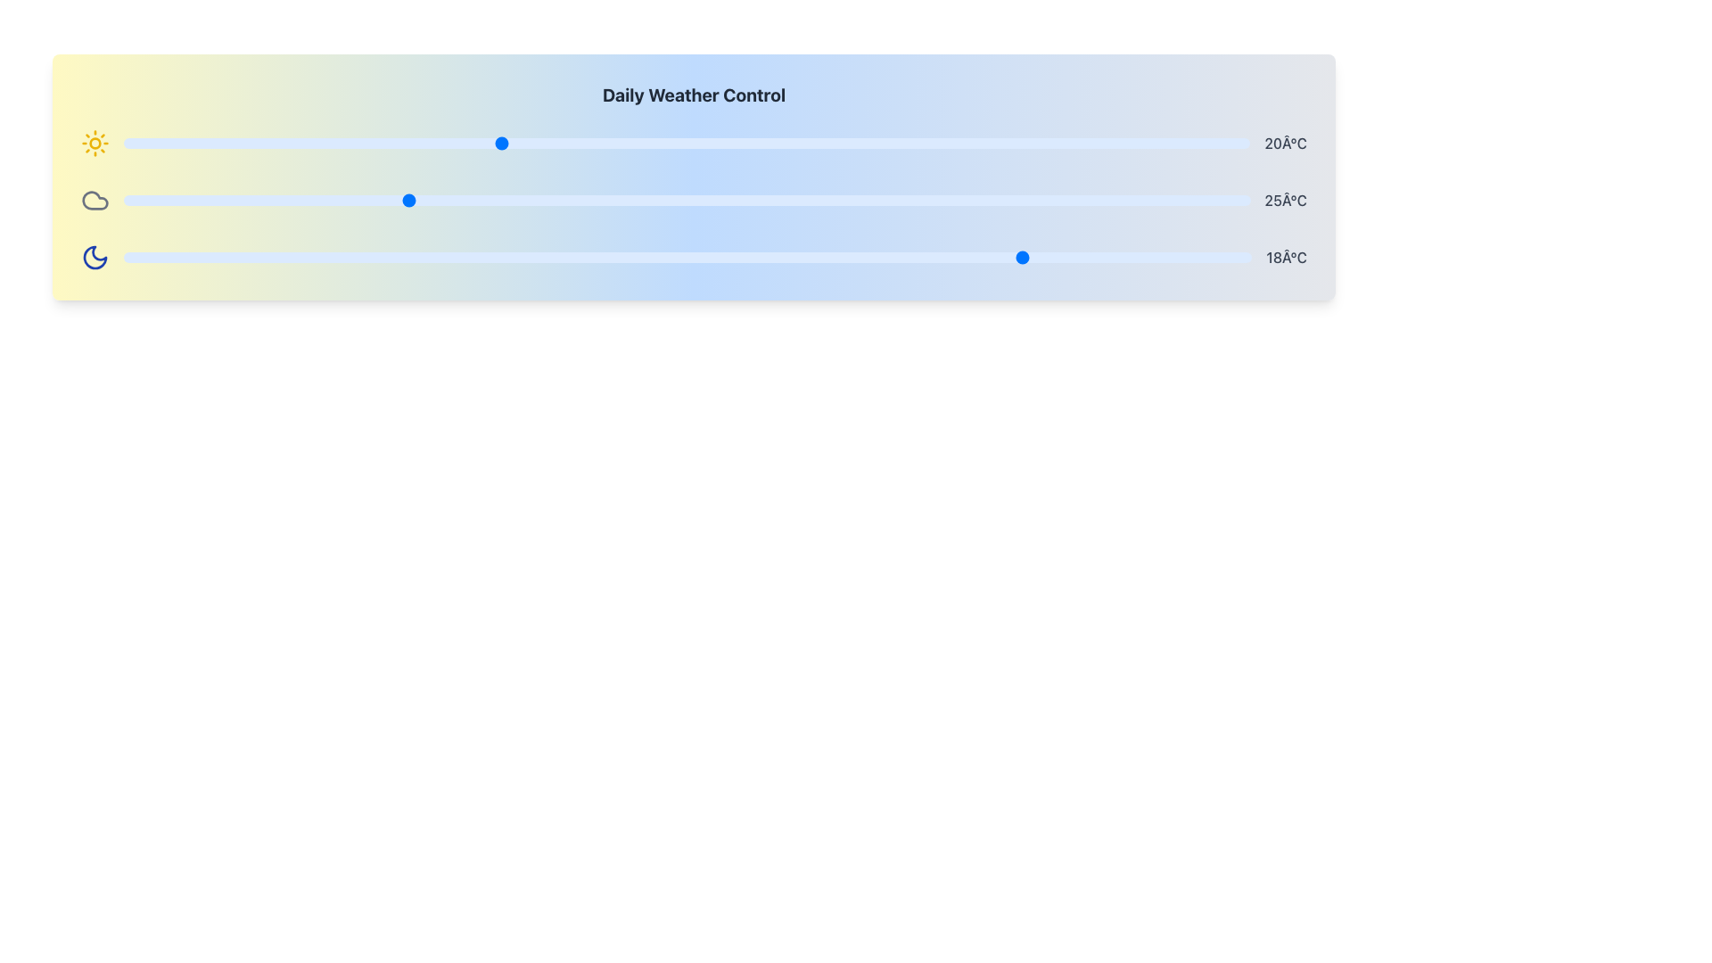 This screenshot has height=963, width=1712. I want to click on displayed temperature value '18Â°C' from the text label on the far-right side of the slider control, so click(1287, 258).